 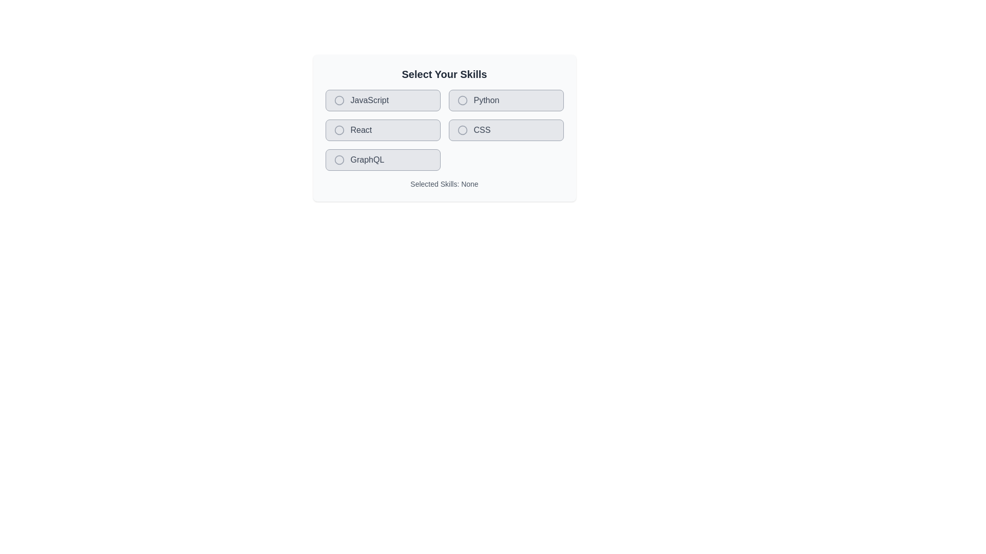 What do you see at coordinates (382, 160) in the screenshot?
I see `the skill chip corresponding to GraphQL` at bounding box center [382, 160].